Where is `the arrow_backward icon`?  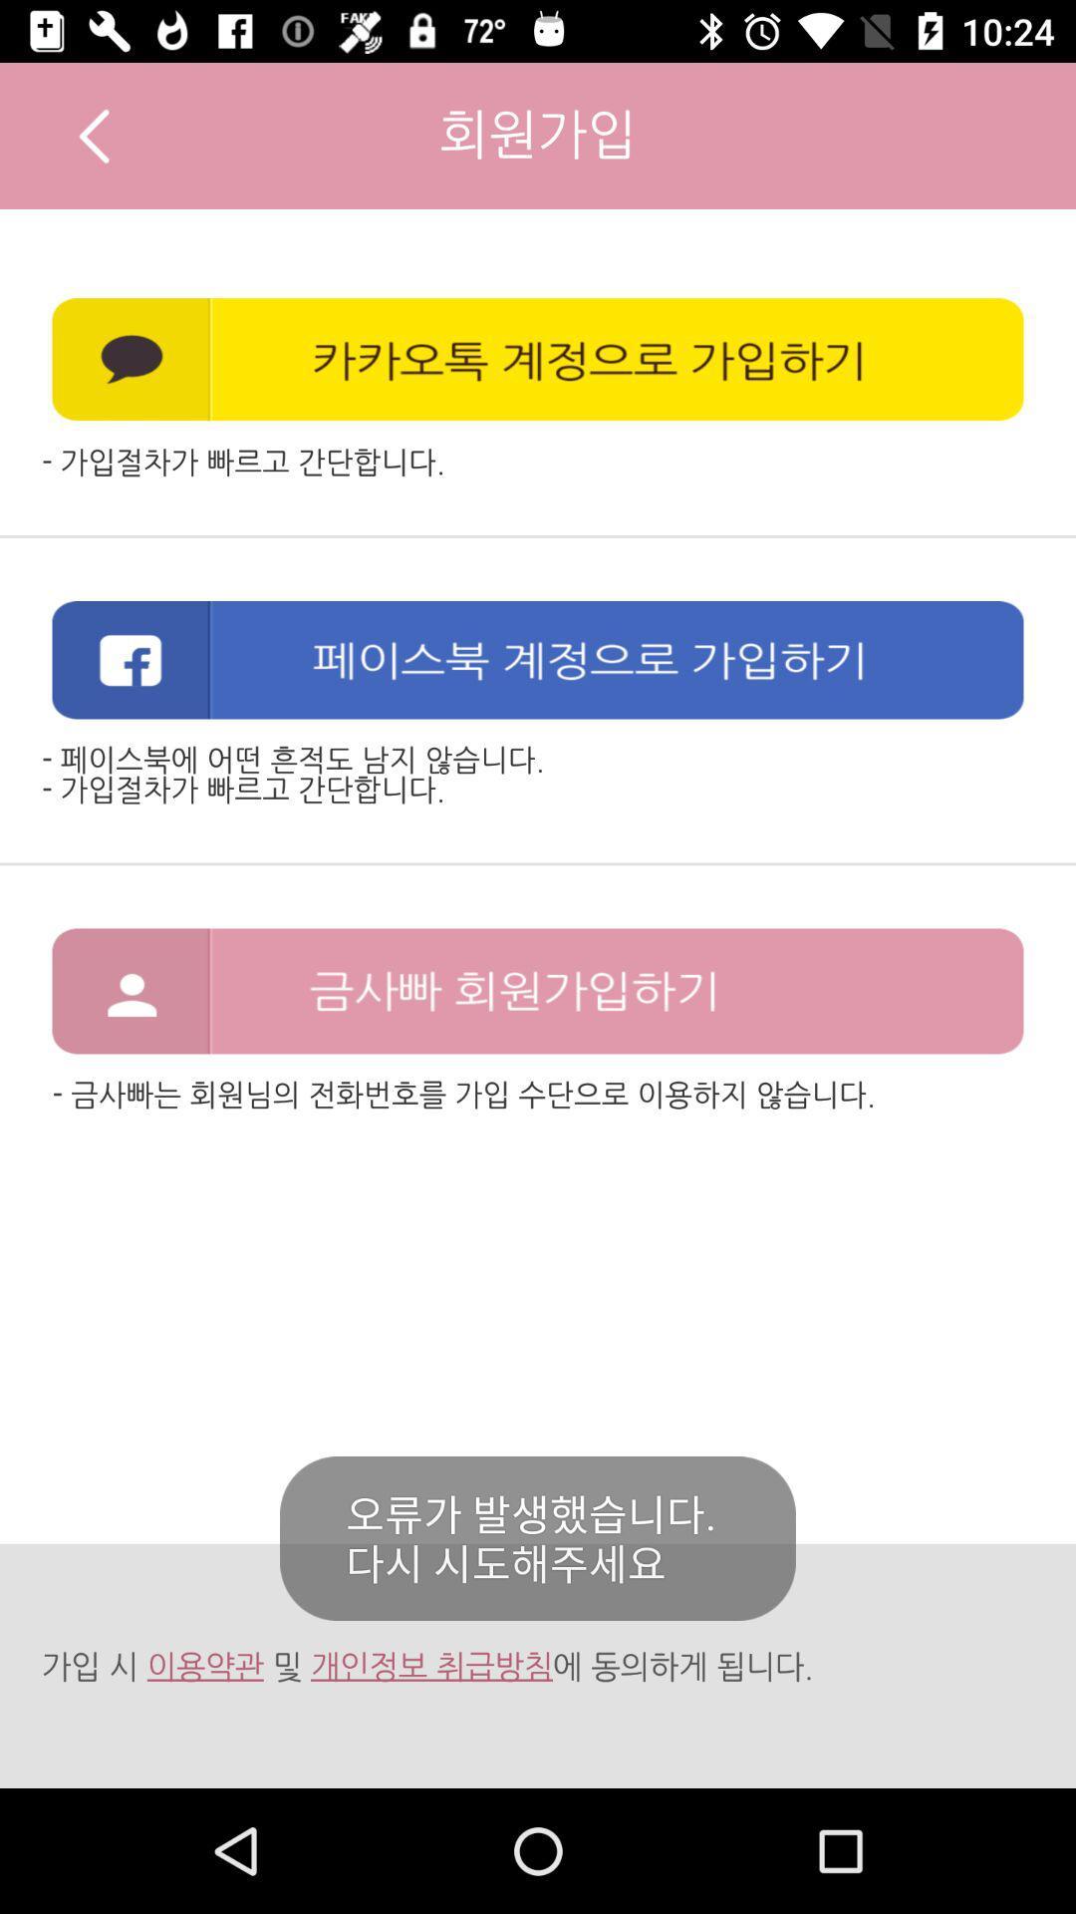
the arrow_backward icon is located at coordinates (94, 135).